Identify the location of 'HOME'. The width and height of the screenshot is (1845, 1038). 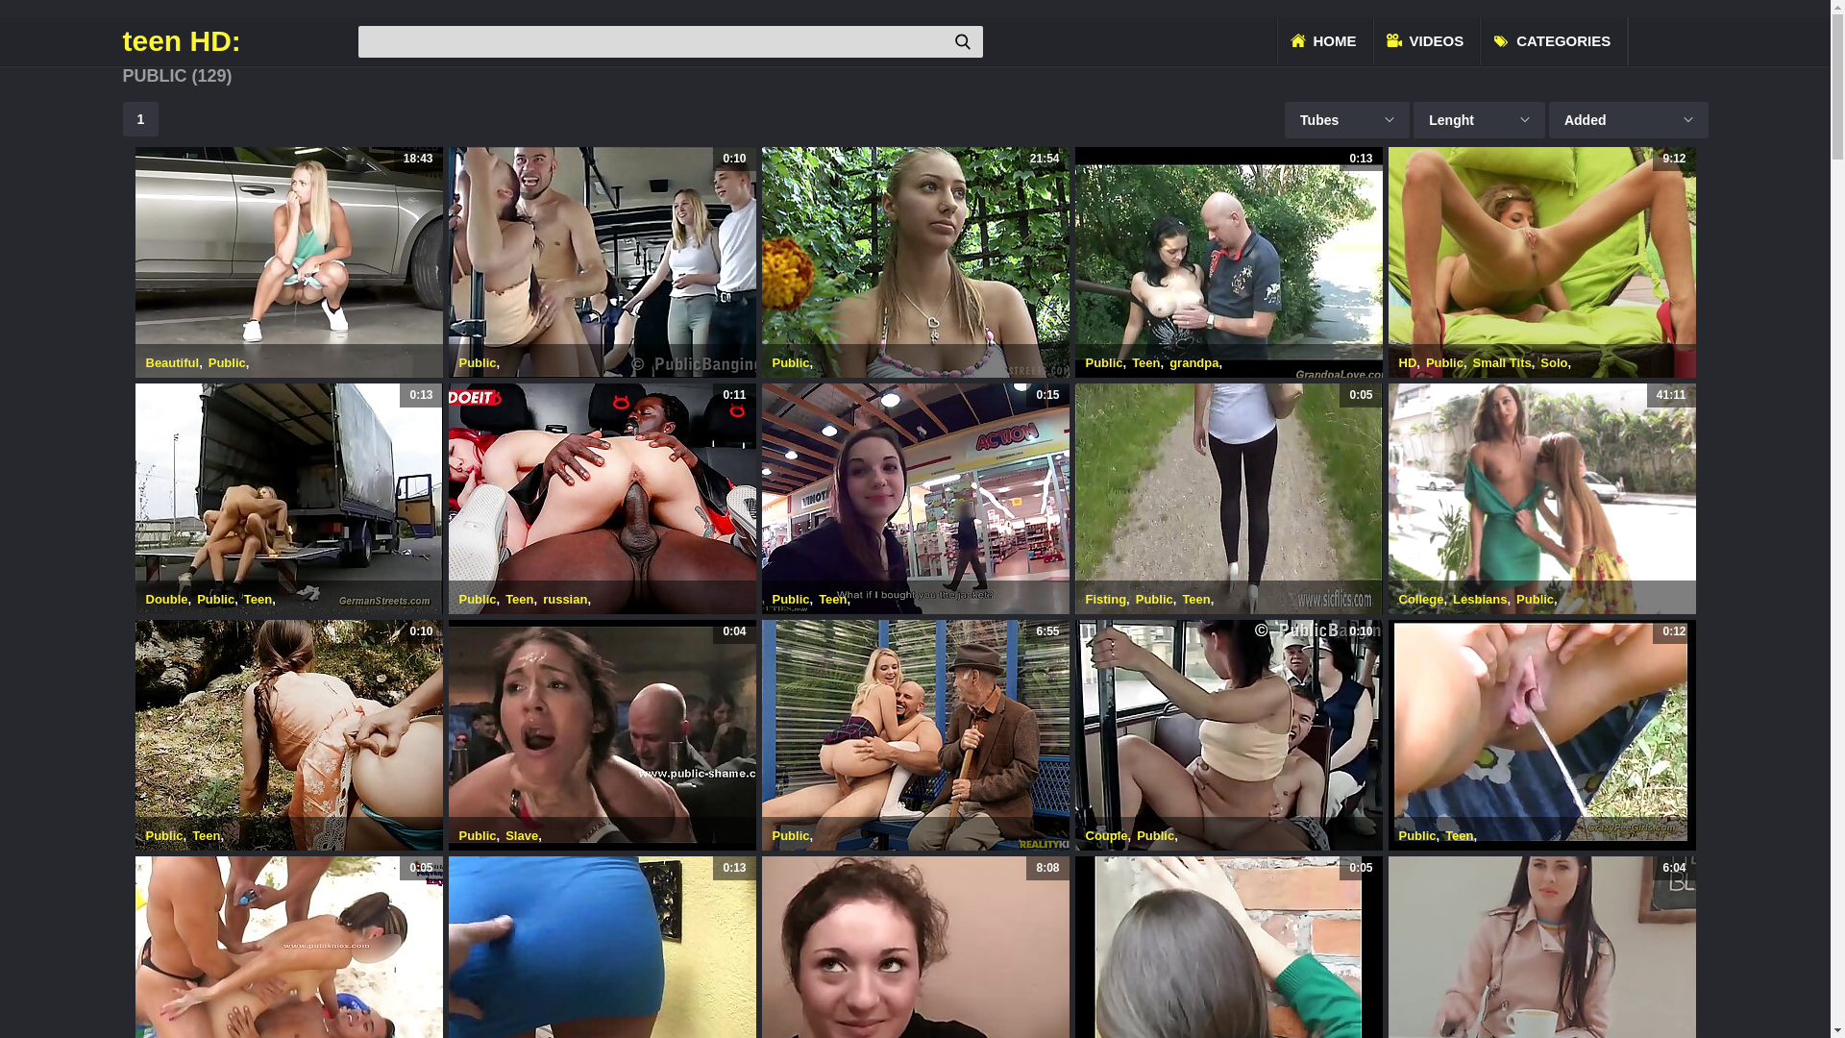
(1322, 40).